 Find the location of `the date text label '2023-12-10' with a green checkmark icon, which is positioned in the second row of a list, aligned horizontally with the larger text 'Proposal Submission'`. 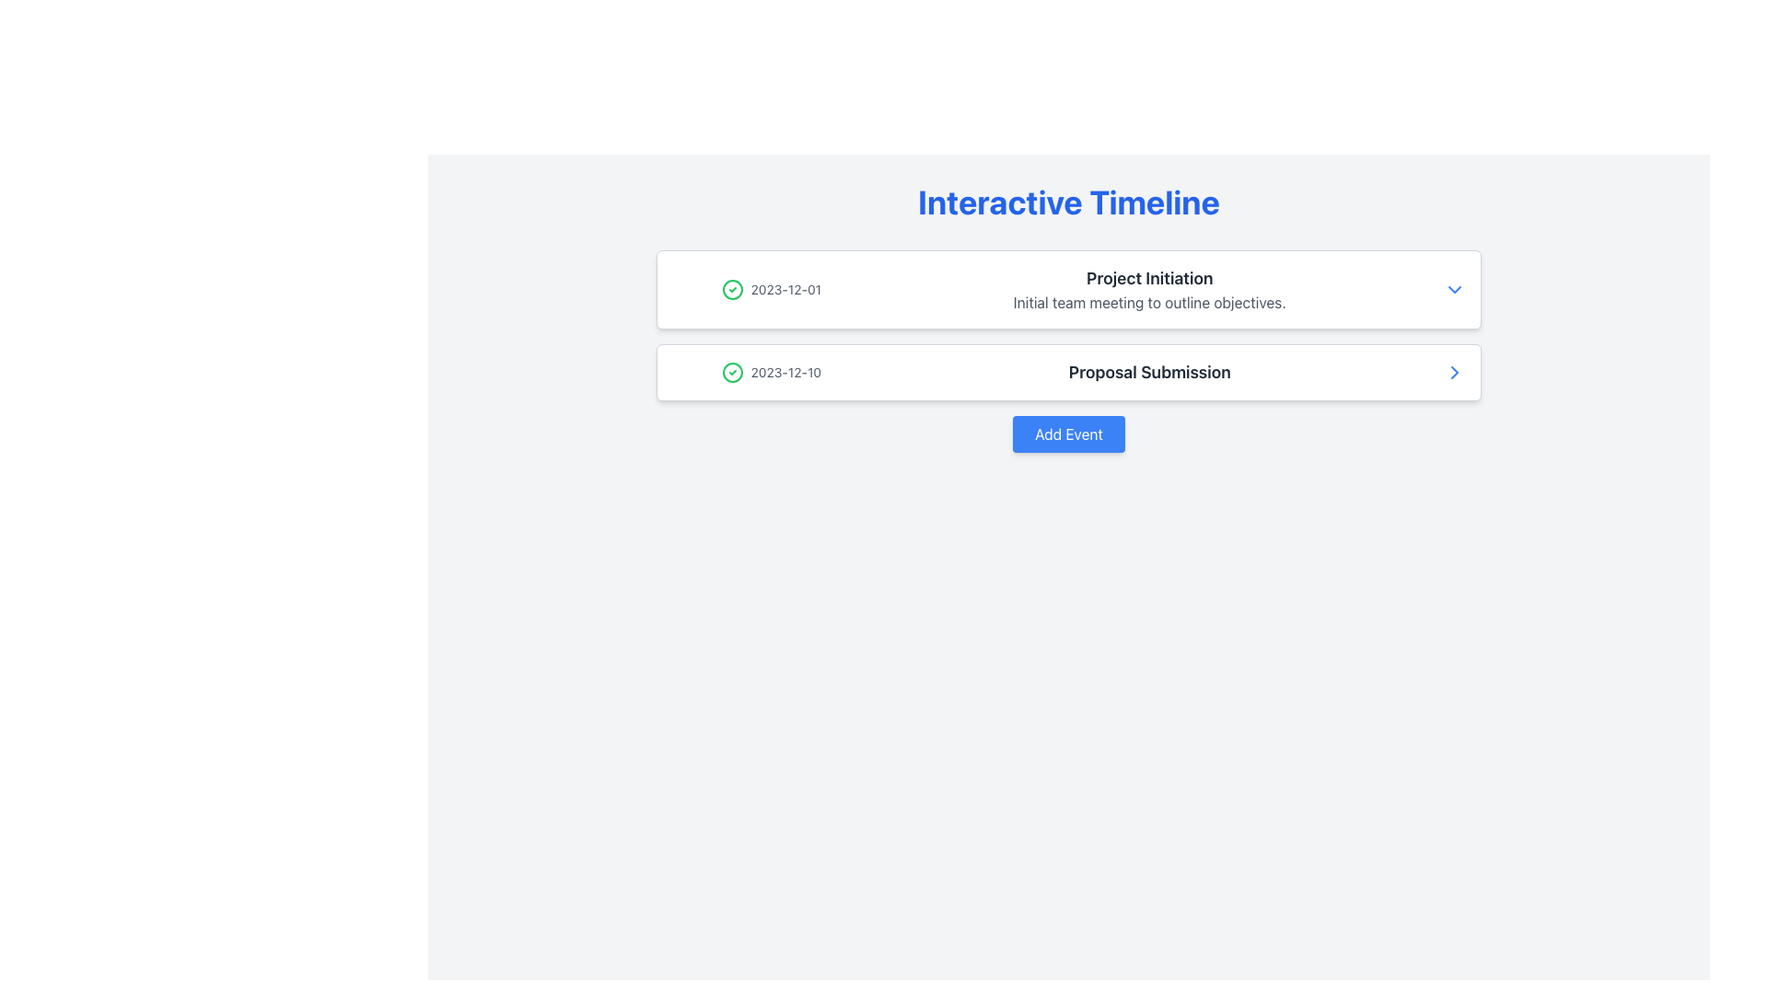

the date text label '2023-12-10' with a green checkmark icon, which is positioned in the second row of a list, aligned horizontally with the larger text 'Proposal Submission' is located at coordinates (771, 373).